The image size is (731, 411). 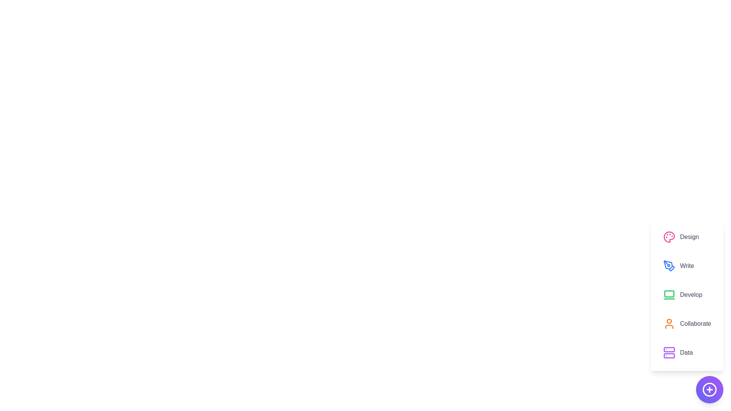 What do you see at coordinates (687, 352) in the screenshot?
I see `the option Data from the displayed options` at bounding box center [687, 352].